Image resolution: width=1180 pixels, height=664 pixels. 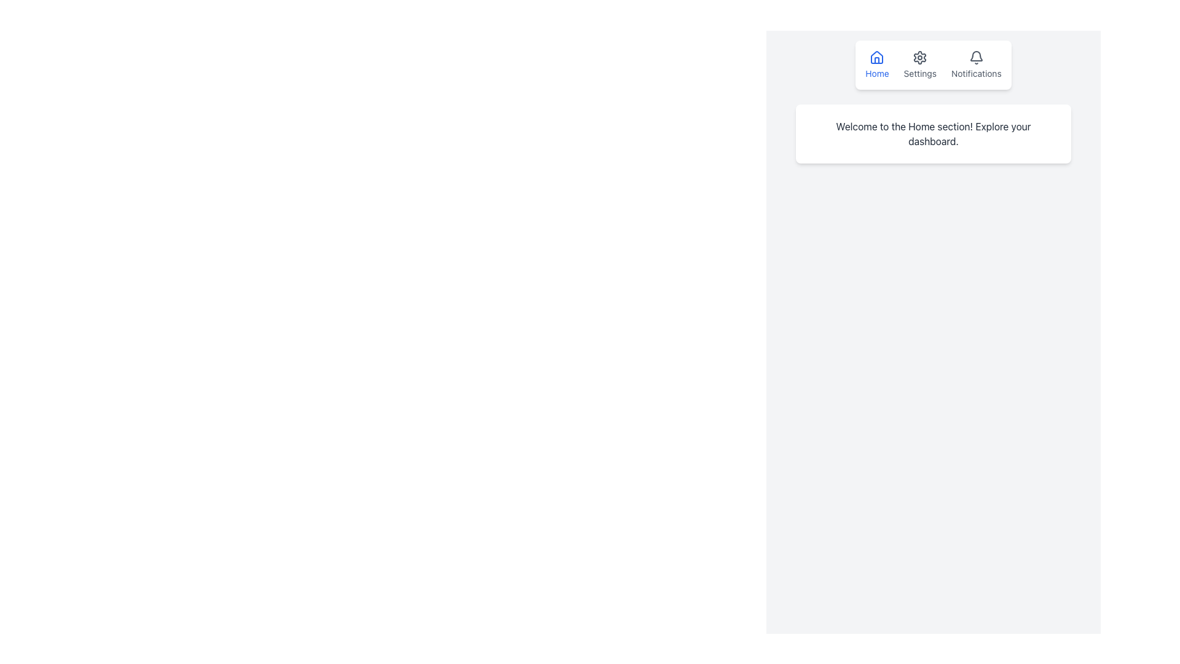 I want to click on the settings icon button located in the horizontal navigation bar at the top of the application layout, so click(x=920, y=57).